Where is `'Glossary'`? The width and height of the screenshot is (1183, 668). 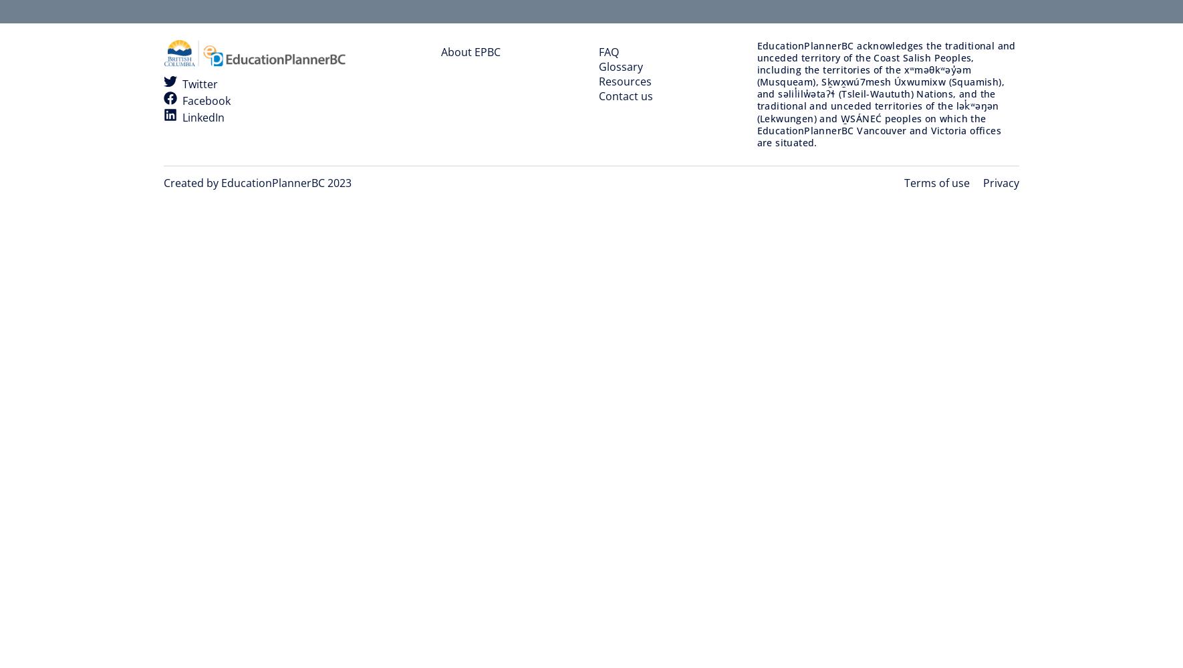
'Glossary' is located at coordinates (620, 65).